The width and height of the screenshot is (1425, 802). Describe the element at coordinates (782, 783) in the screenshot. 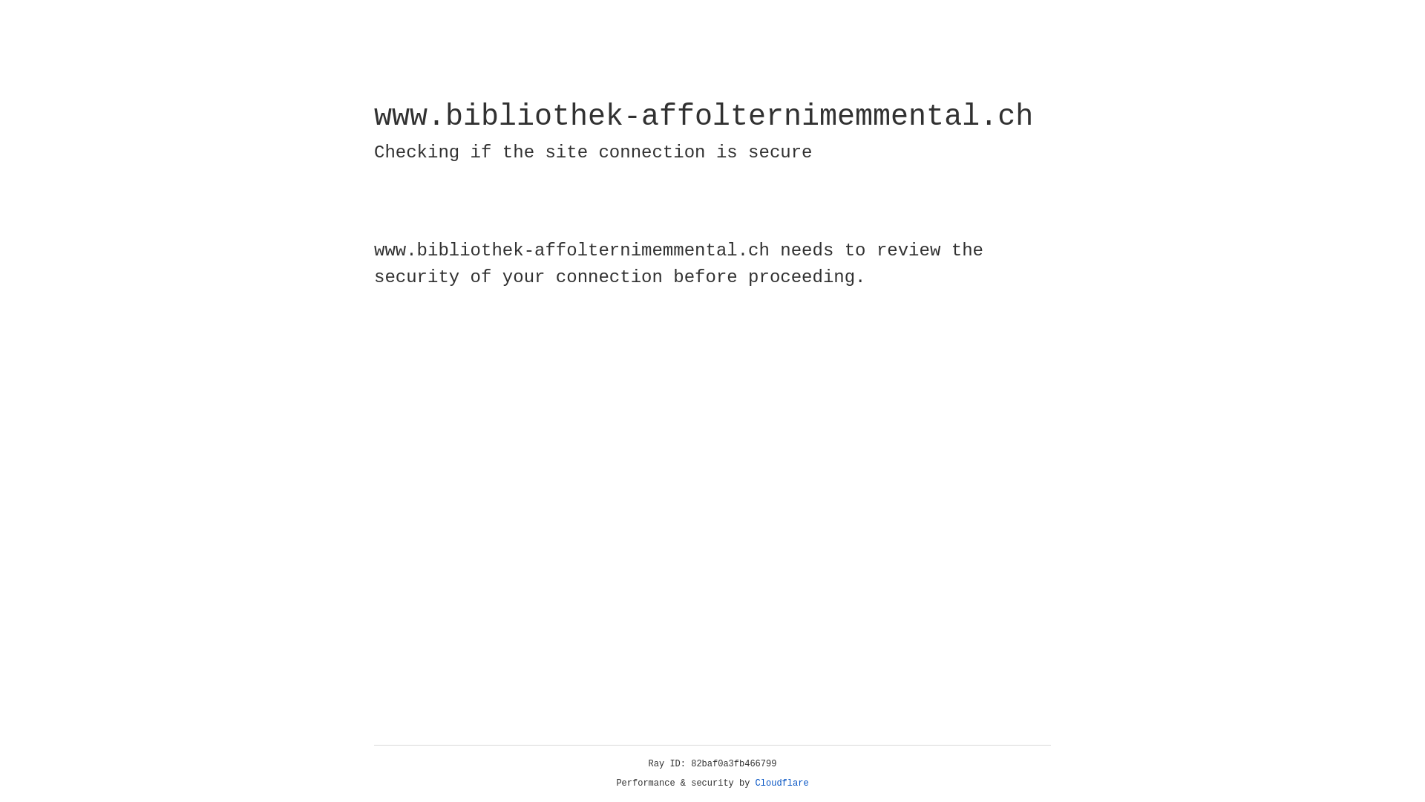

I see `'Cloudflare'` at that location.